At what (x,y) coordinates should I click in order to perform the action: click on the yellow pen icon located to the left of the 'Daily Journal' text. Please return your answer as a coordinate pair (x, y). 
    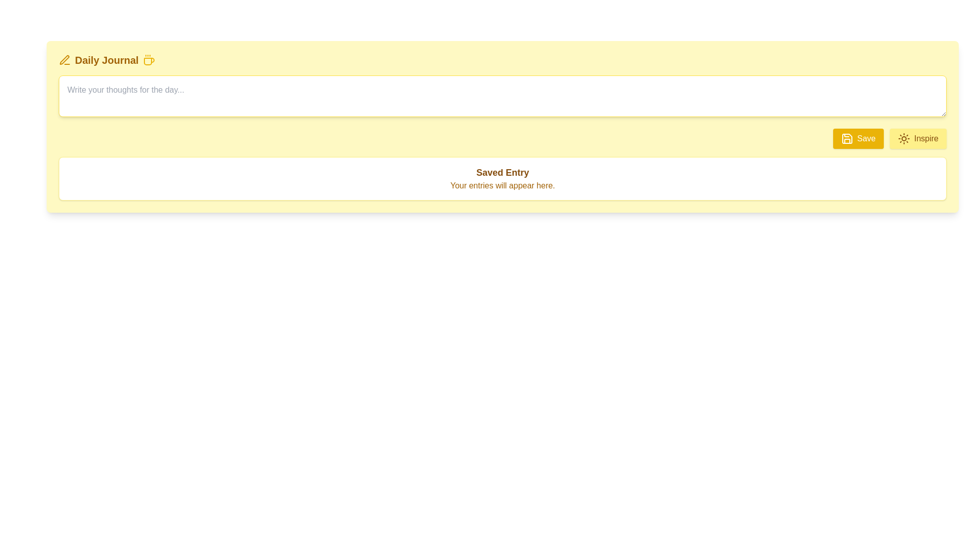
    Looking at the image, I should click on (64, 60).